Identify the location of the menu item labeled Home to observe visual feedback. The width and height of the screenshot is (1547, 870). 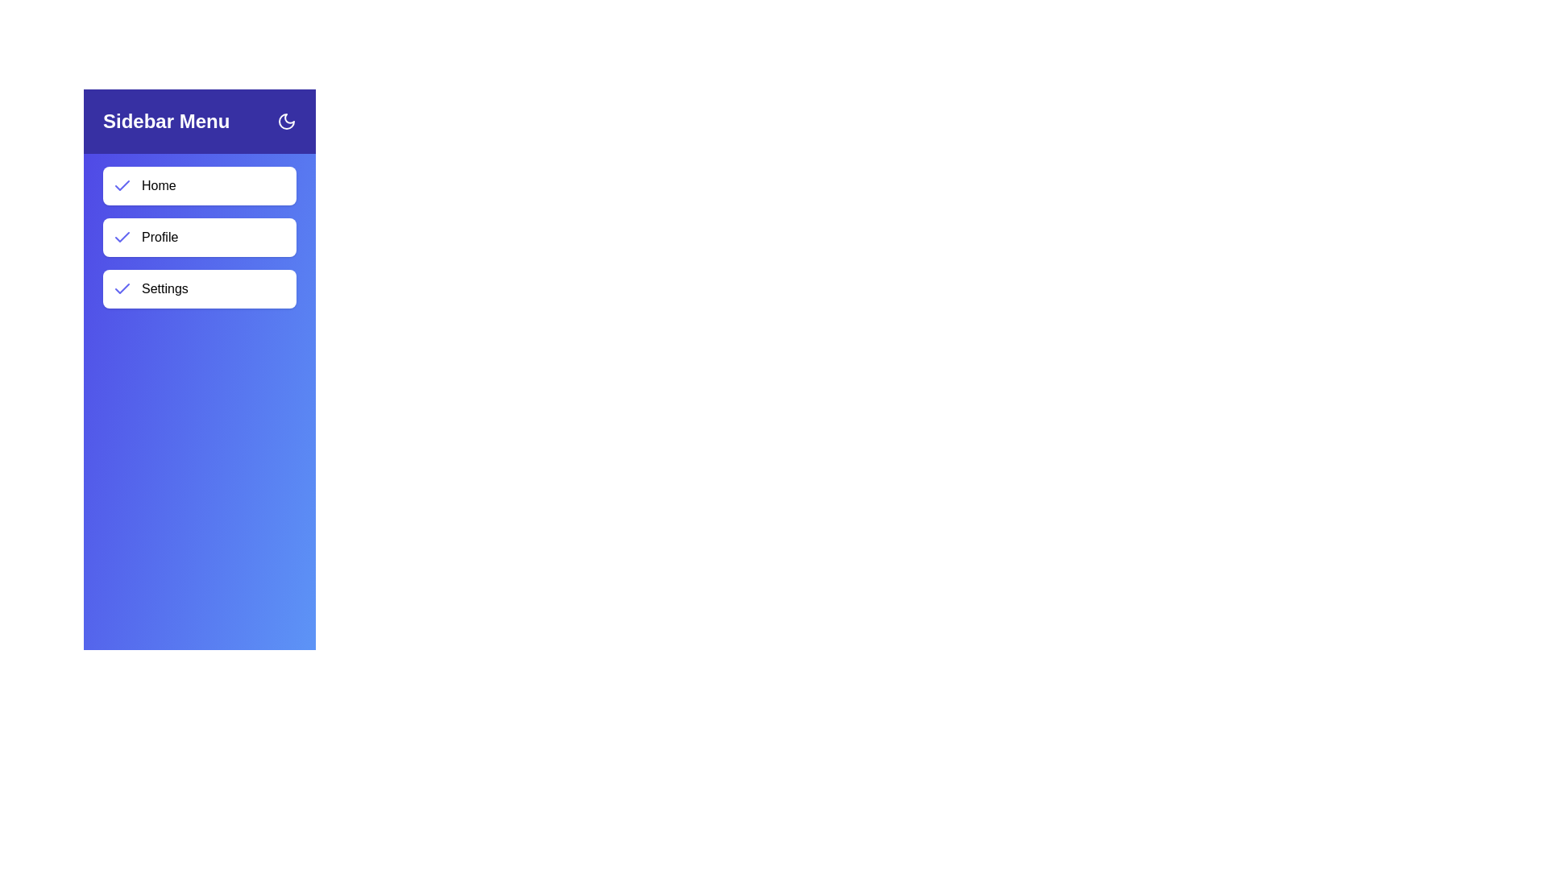
(199, 185).